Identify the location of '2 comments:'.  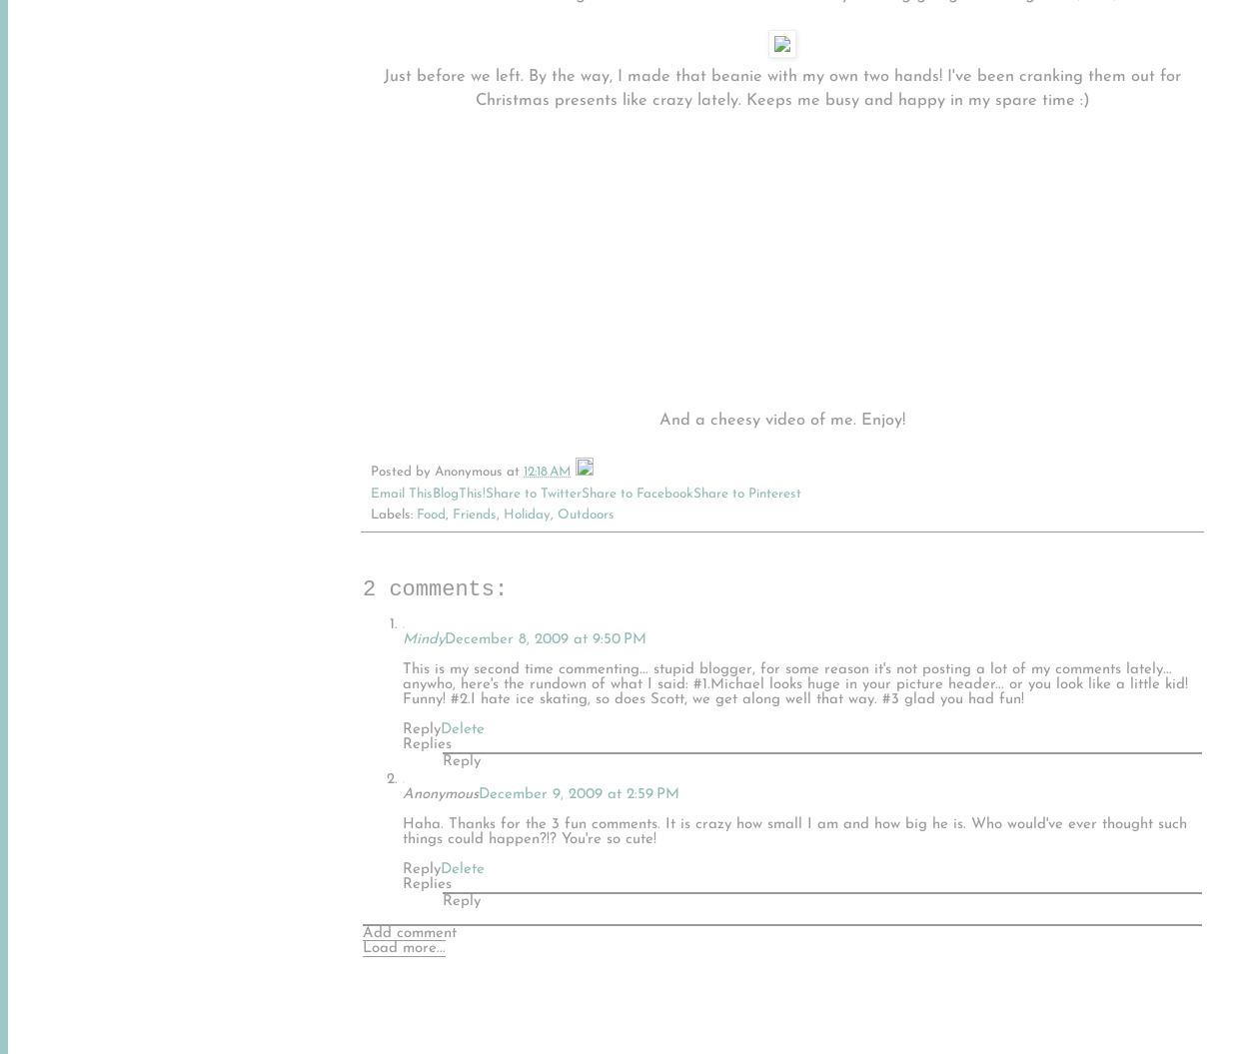
(362, 588).